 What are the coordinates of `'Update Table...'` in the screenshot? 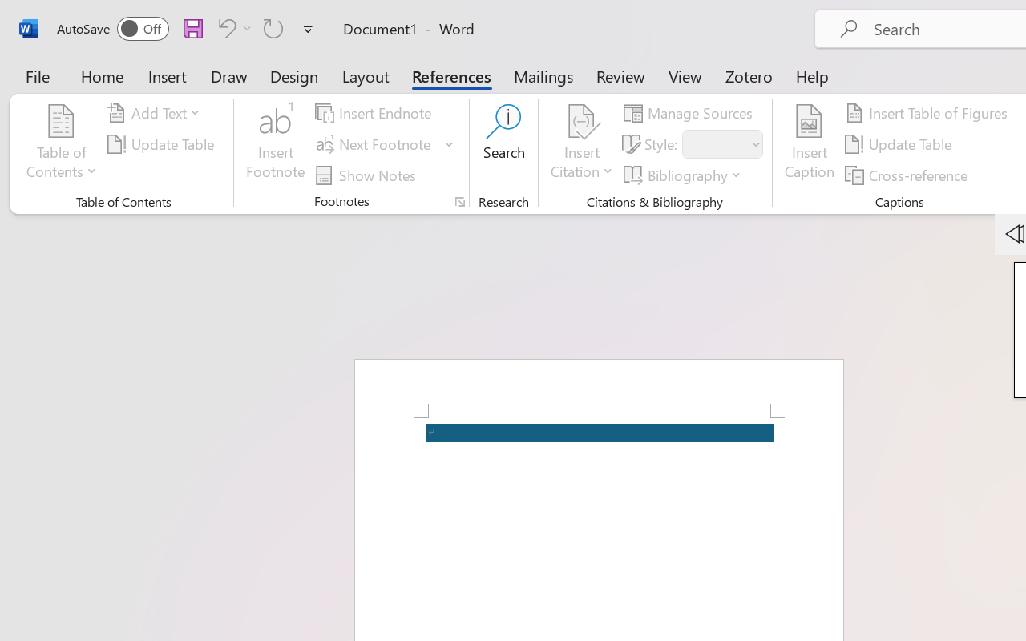 It's located at (164, 143).